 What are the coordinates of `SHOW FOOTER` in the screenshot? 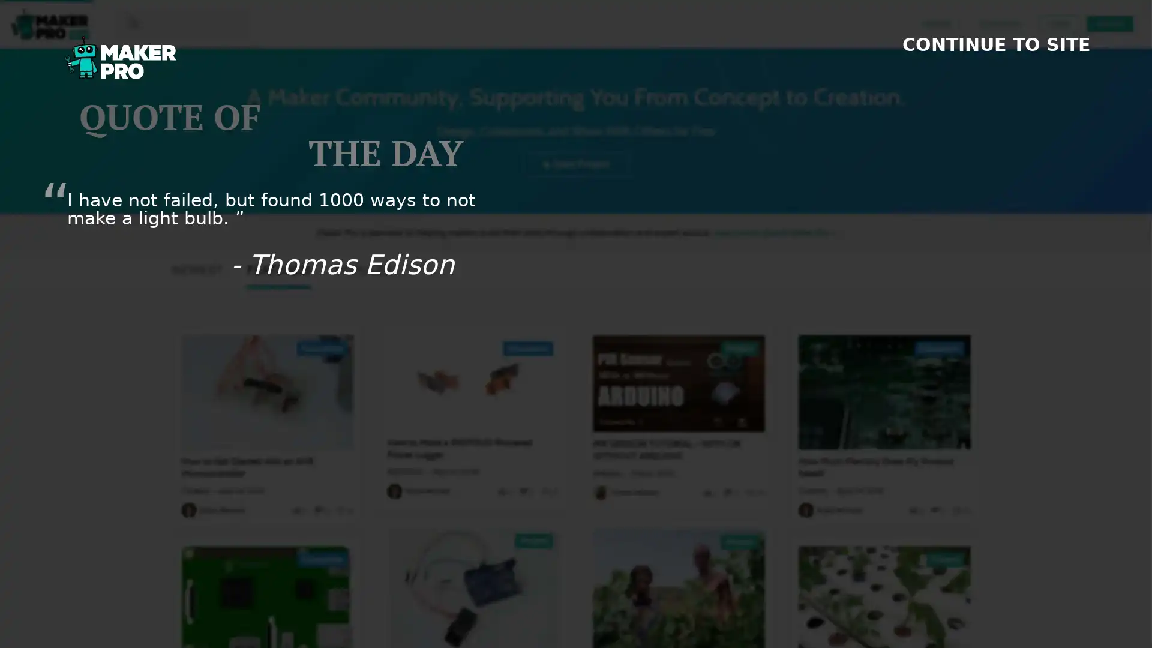 It's located at (1117, 636).